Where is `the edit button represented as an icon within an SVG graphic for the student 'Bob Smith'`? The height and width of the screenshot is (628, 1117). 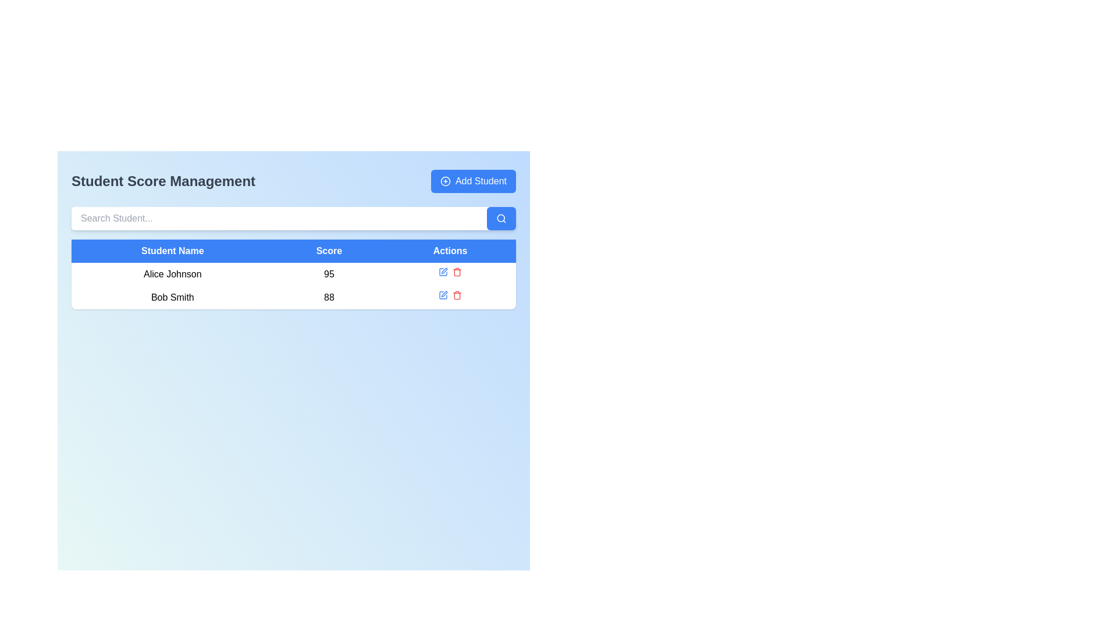 the edit button represented as an icon within an SVG graphic for the student 'Bob Smith' is located at coordinates (443, 271).